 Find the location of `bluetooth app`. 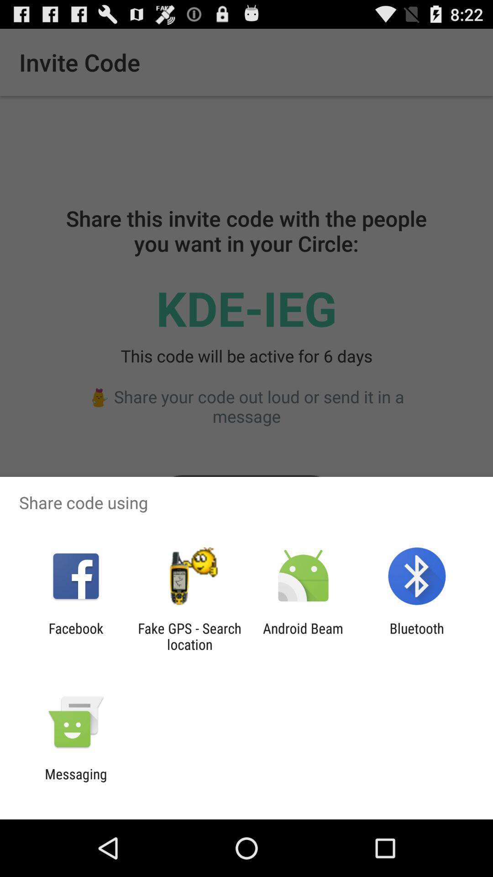

bluetooth app is located at coordinates (417, 636).